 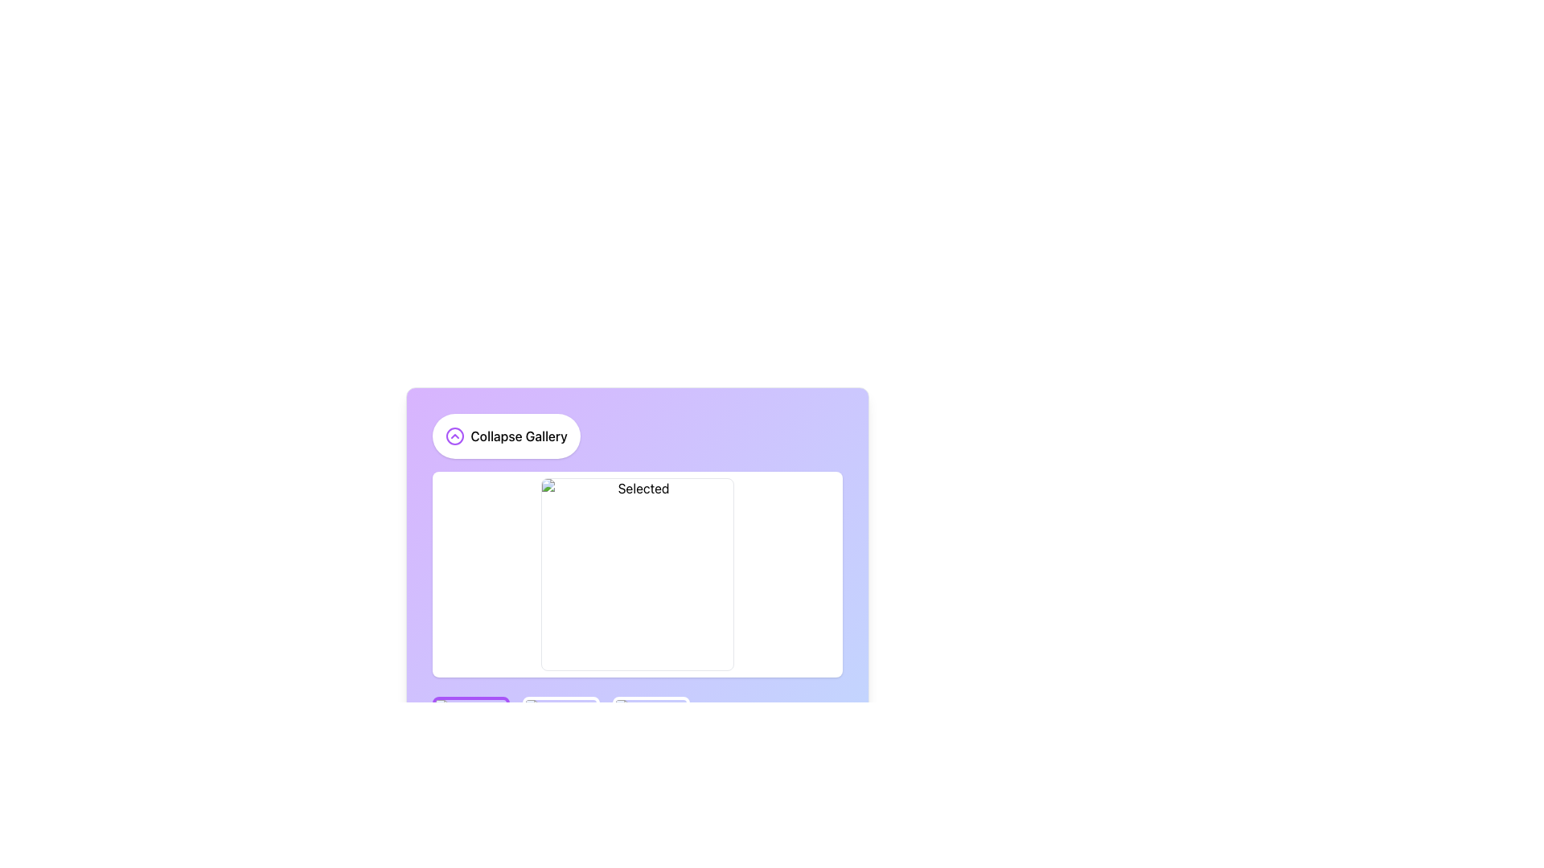 I want to click on the text element displaying 'Capture' located at the bottom-center of the interface layout, so click(x=536, y=833).